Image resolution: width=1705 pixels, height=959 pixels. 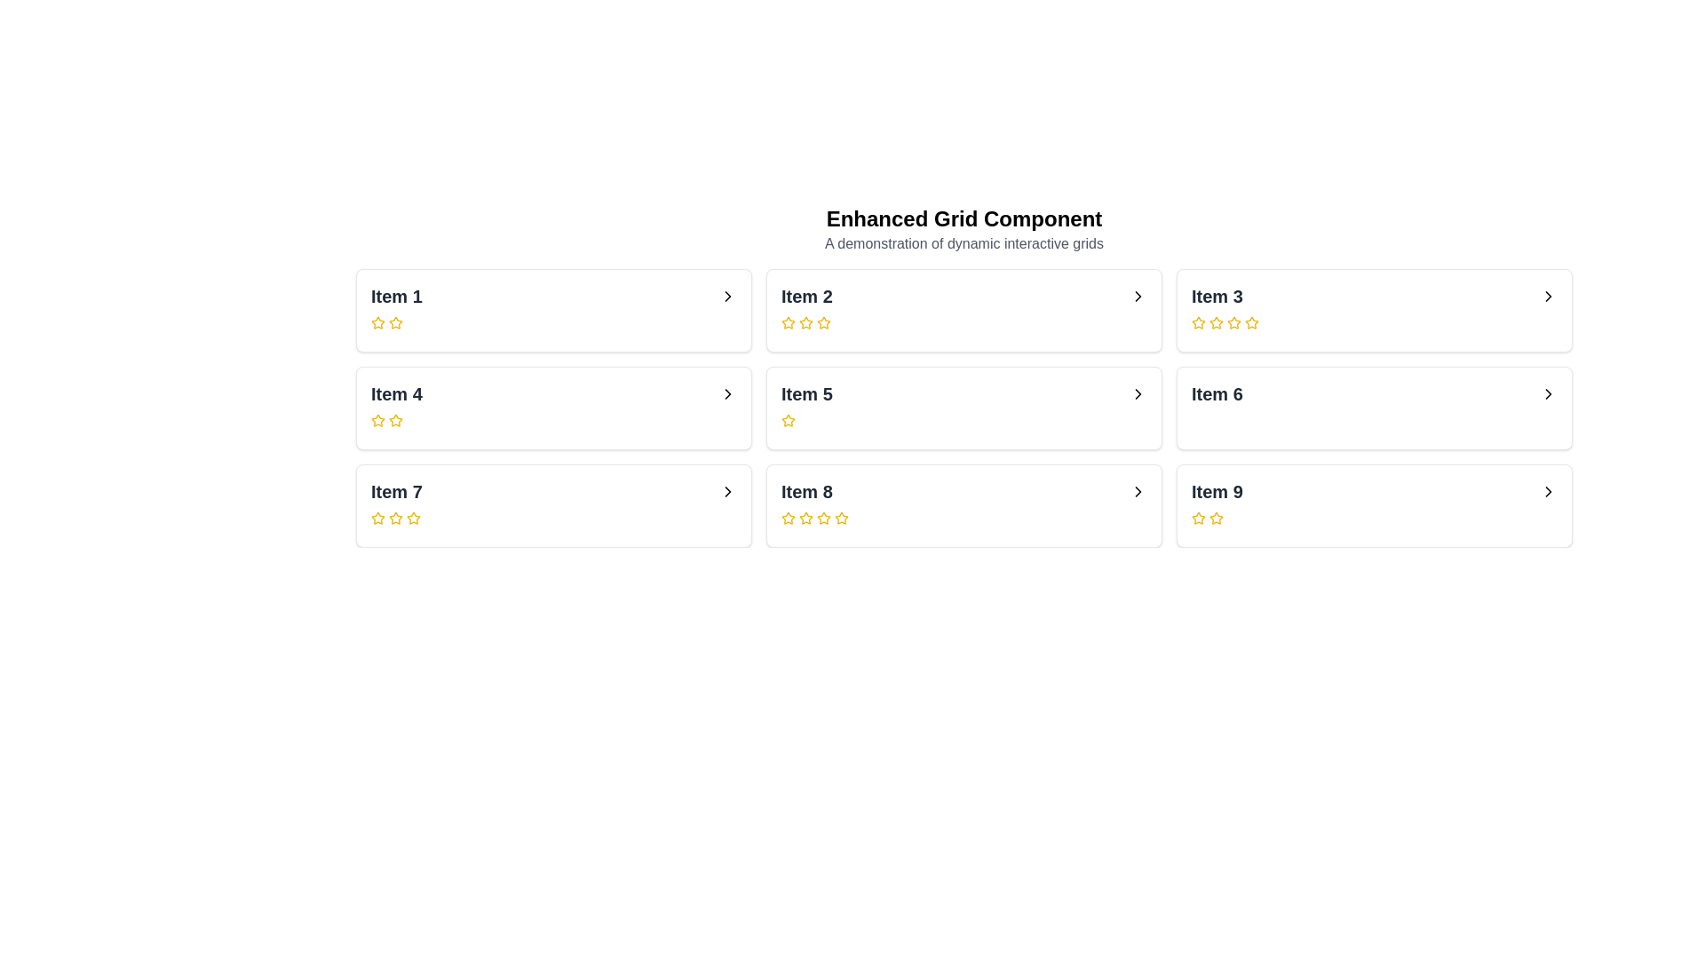 I want to click on text displayed in the Header which contains the title 'Enhanced Grid Component' and subtitle 'A demonstration of dynamic interactive grids', so click(x=963, y=228).